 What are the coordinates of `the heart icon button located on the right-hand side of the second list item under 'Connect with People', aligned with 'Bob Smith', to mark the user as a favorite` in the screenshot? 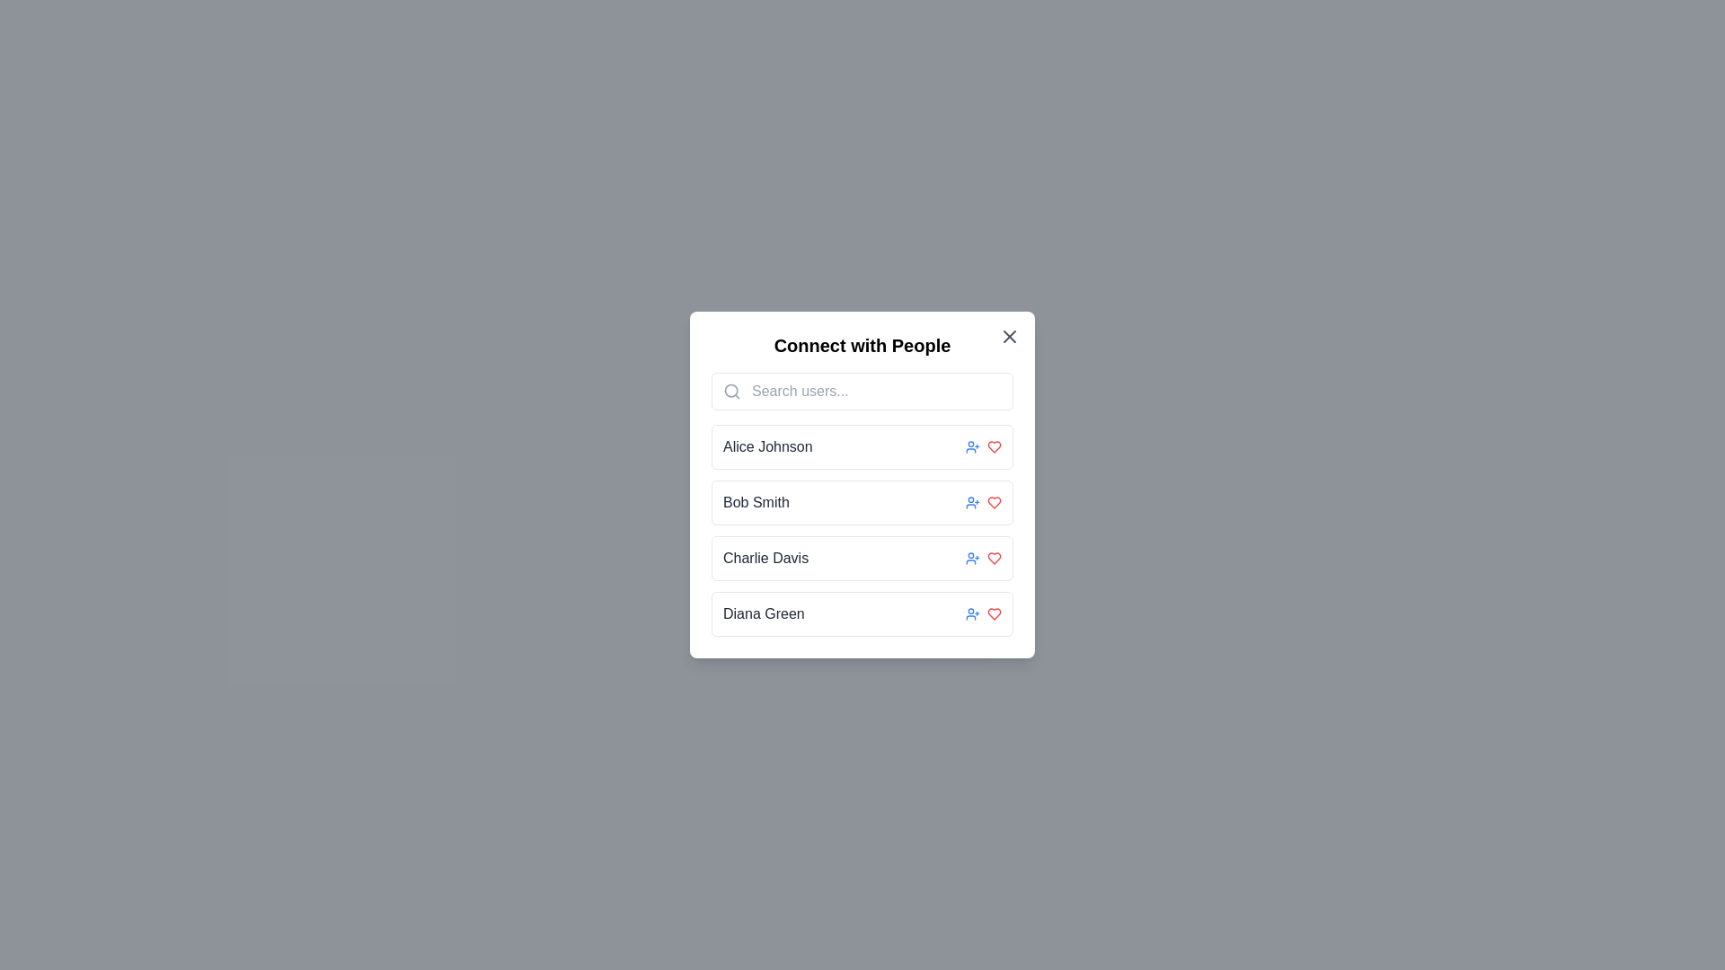 It's located at (994, 502).